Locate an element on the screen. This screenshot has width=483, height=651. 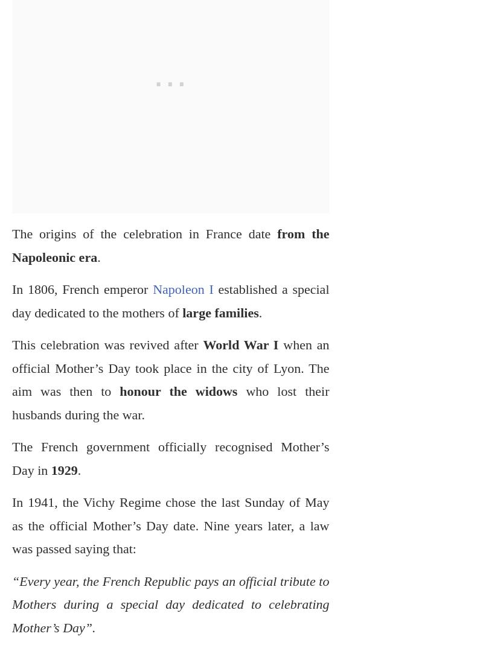
'1929' is located at coordinates (62, 469).